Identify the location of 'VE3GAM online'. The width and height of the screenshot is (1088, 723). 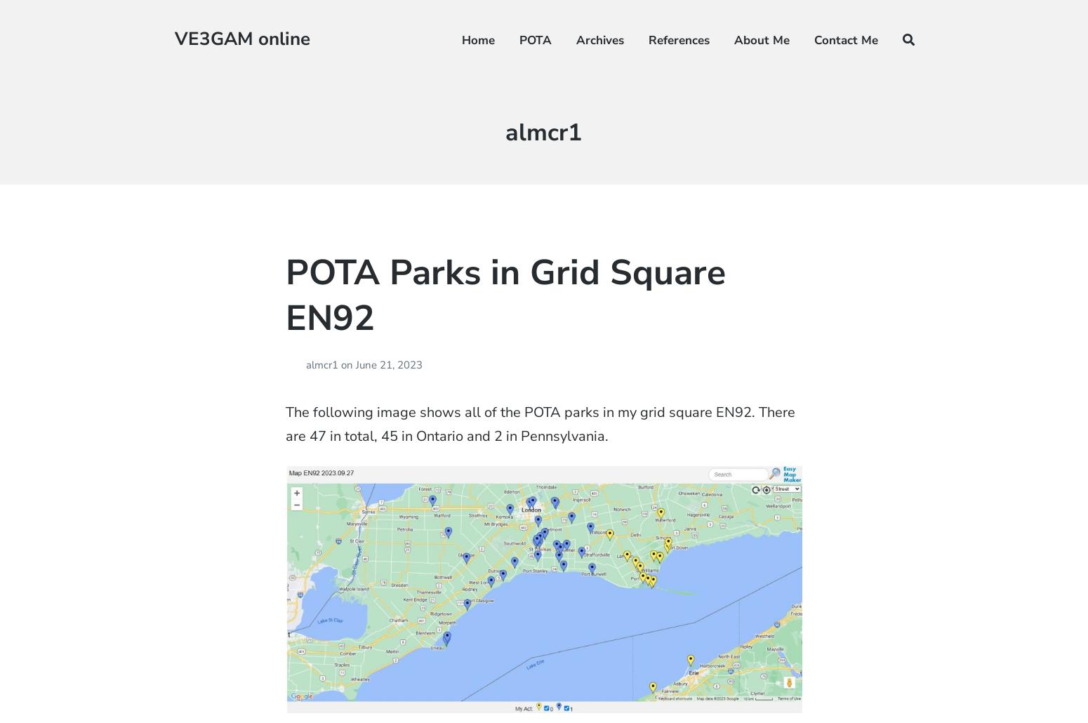
(241, 38).